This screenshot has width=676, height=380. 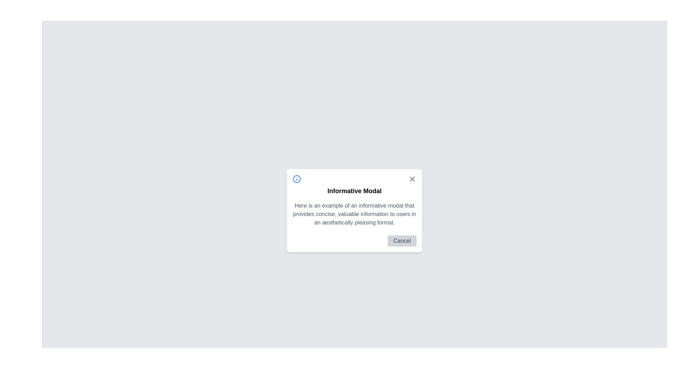 What do you see at coordinates (412, 179) in the screenshot?
I see `the gray 'X' icon button in the upper-right corner of the modal dialog to trigger the hover effect, which changes its color to a darker gray` at bounding box center [412, 179].